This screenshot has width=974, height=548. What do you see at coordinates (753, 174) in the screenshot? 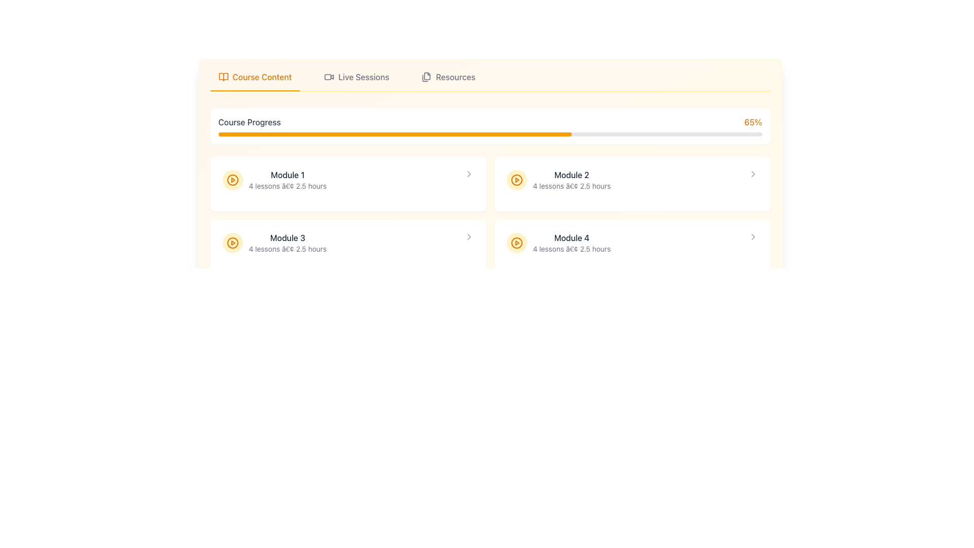
I see `the chevron icon on the far right of the row representing Module 2` at bounding box center [753, 174].